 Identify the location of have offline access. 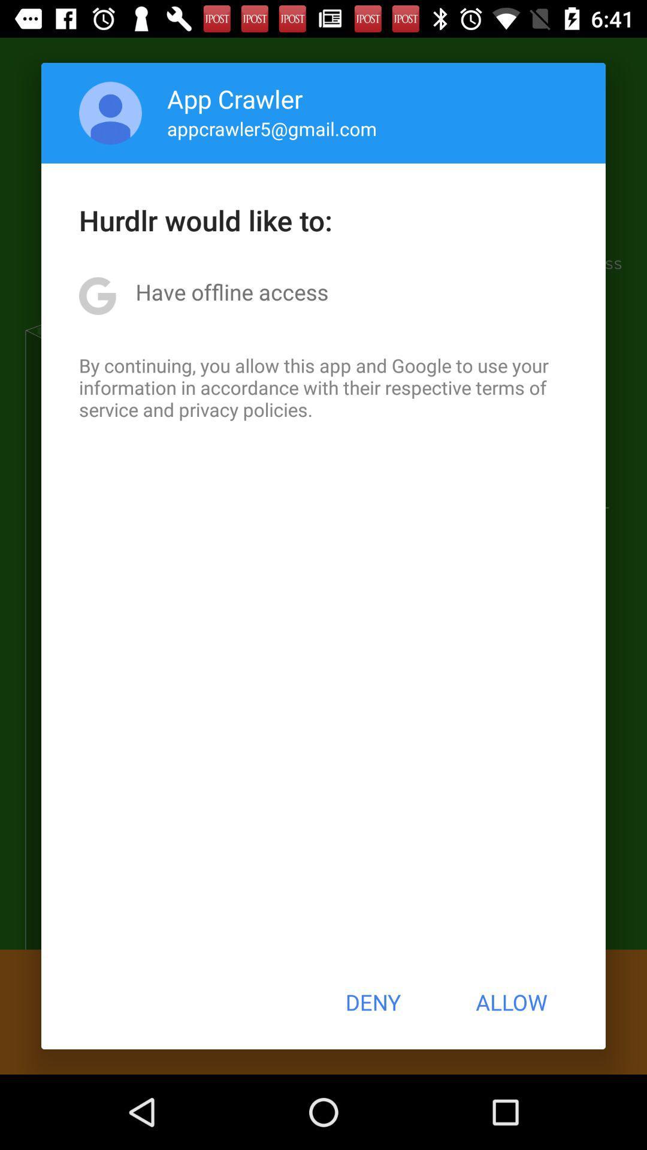
(232, 292).